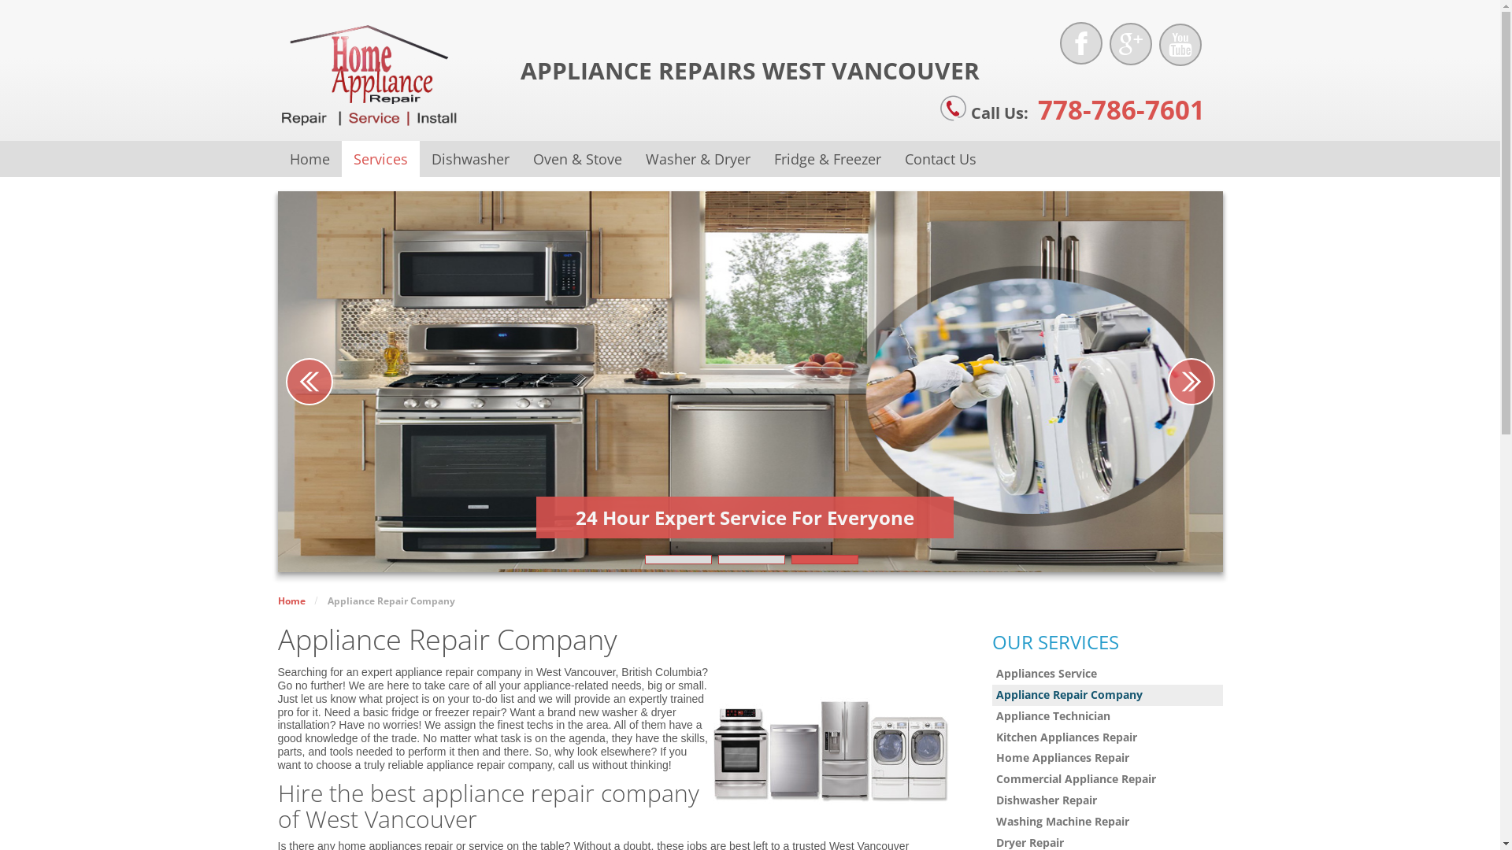  I want to click on 'Kitchen Appliances Repair', so click(991, 737).